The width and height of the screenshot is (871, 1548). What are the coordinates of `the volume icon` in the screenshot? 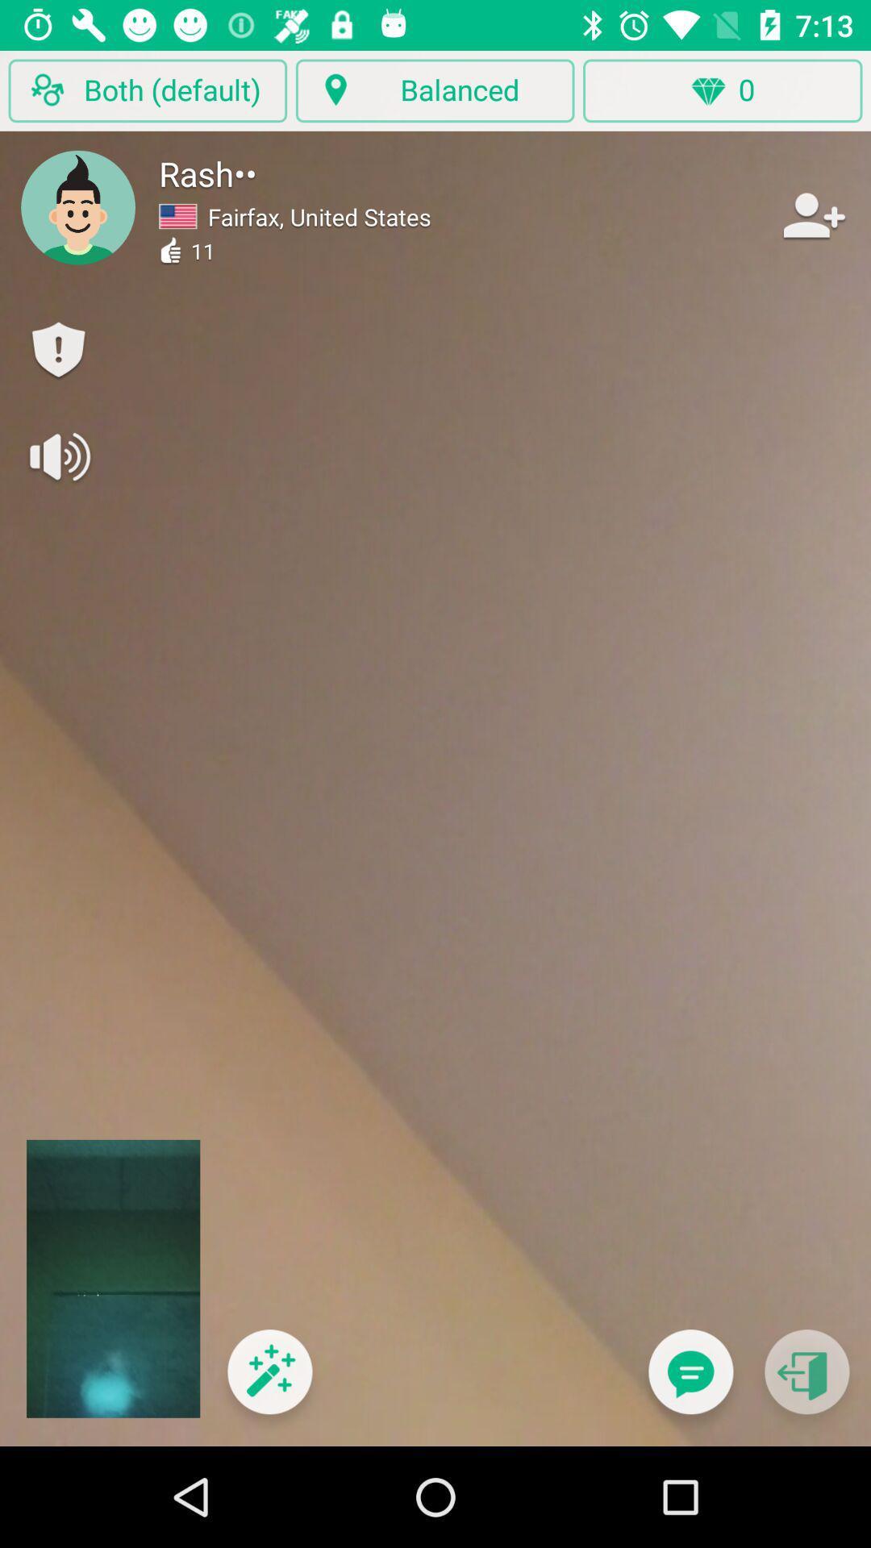 It's located at (57, 456).